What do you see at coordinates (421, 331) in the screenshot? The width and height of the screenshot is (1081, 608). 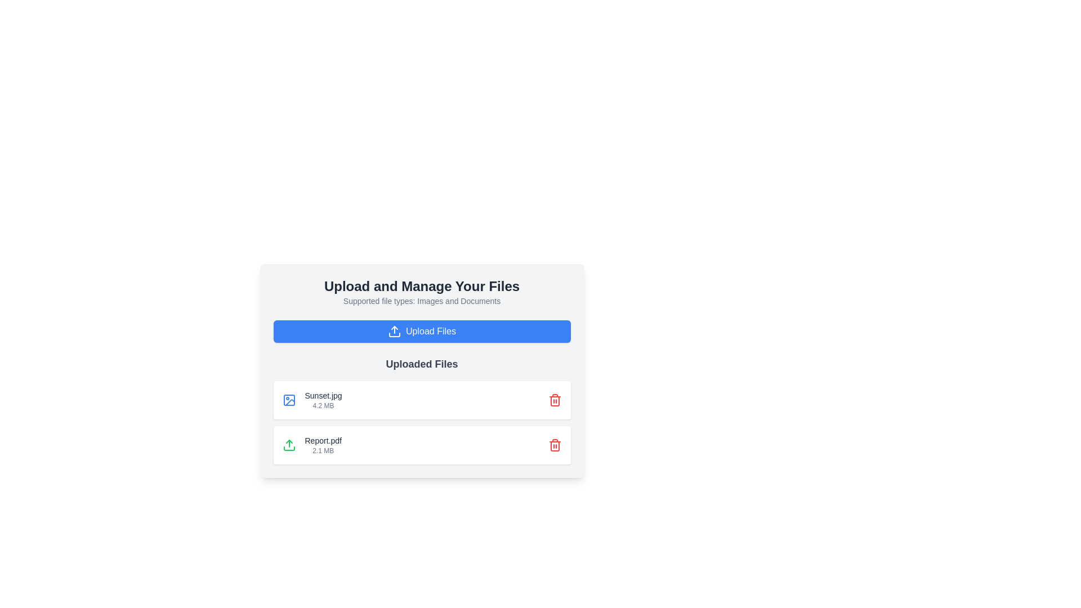 I see `the blue 'Upload Files' button with rounded corners to observe its visual effect` at bounding box center [421, 331].